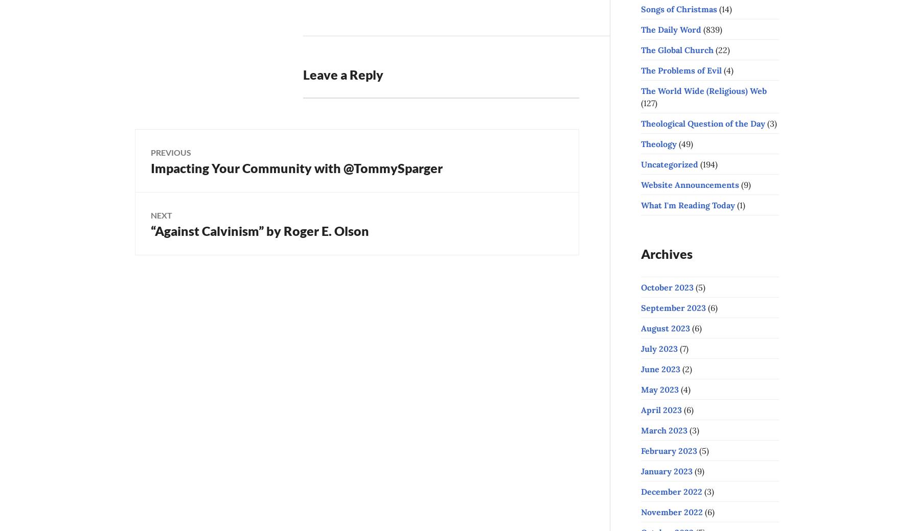 This screenshot has height=531, width=914. What do you see at coordinates (677, 348) in the screenshot?
I see `'(7)'` at bounding box center [677, 348].